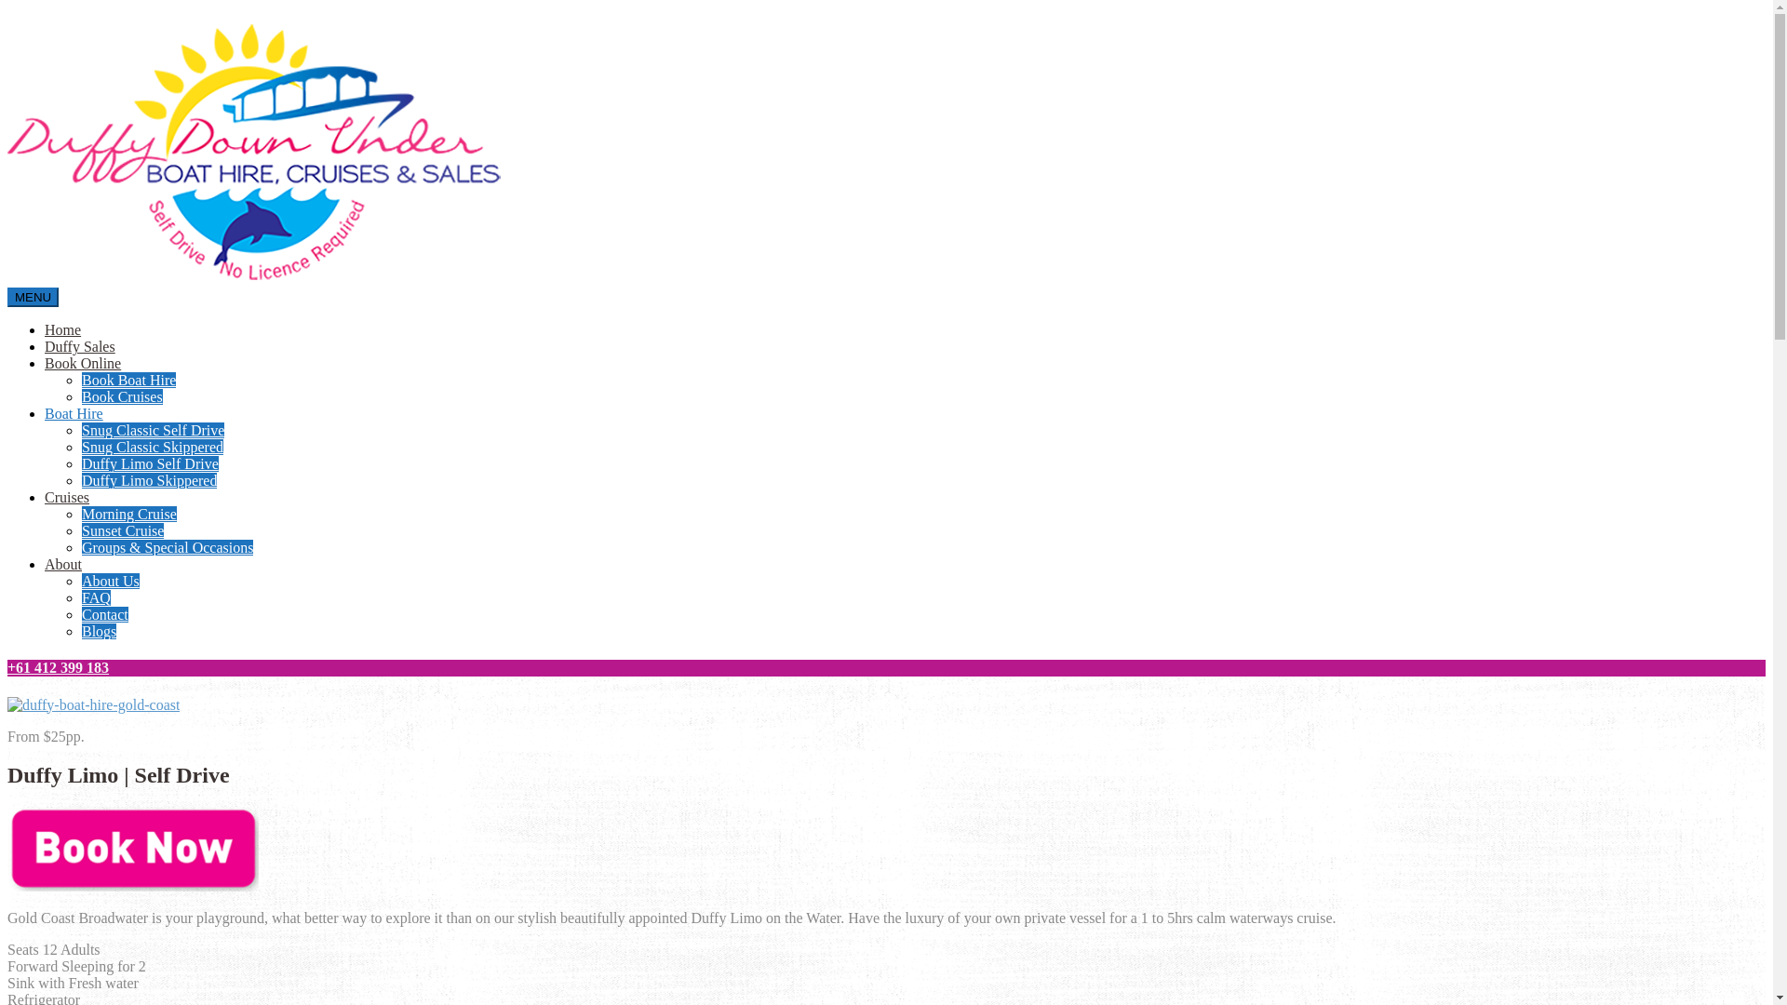 The image size is (1787, 1005). I want to click on 'About Us', so click(80, 580).